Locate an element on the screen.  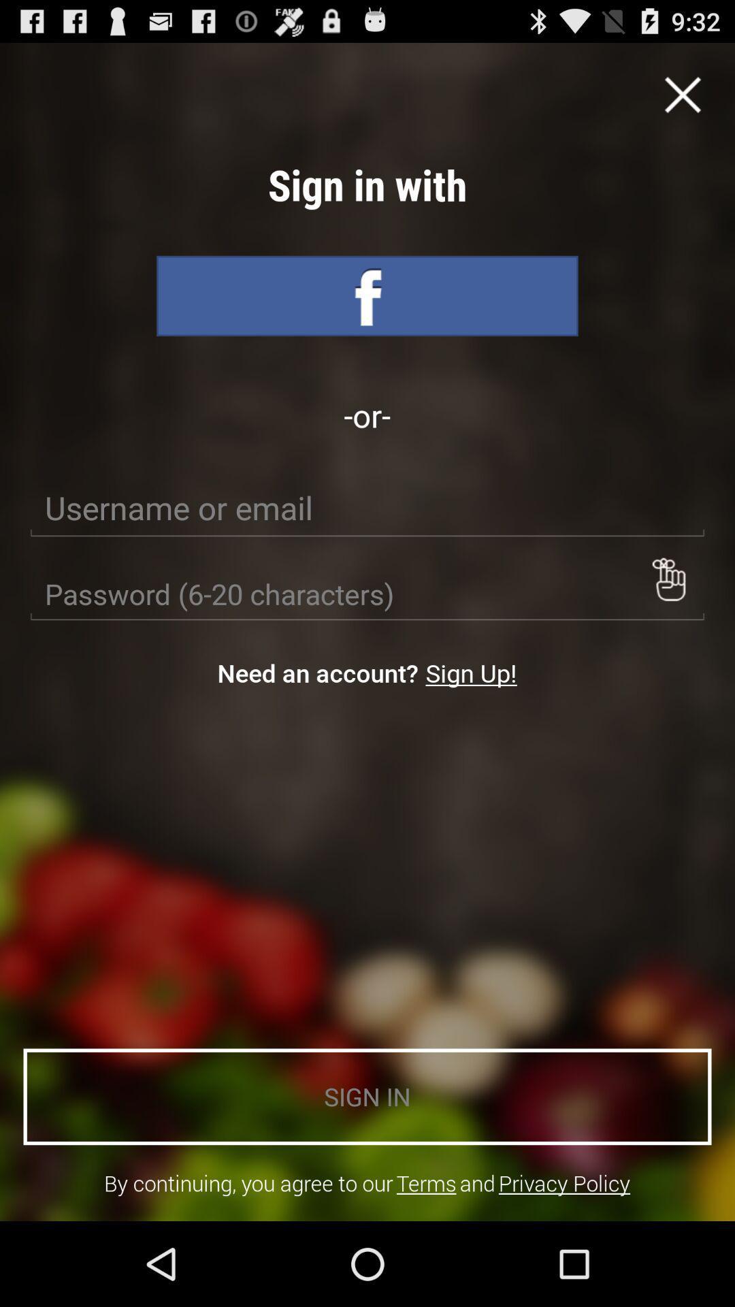
username is located at coordinates (367, 508).